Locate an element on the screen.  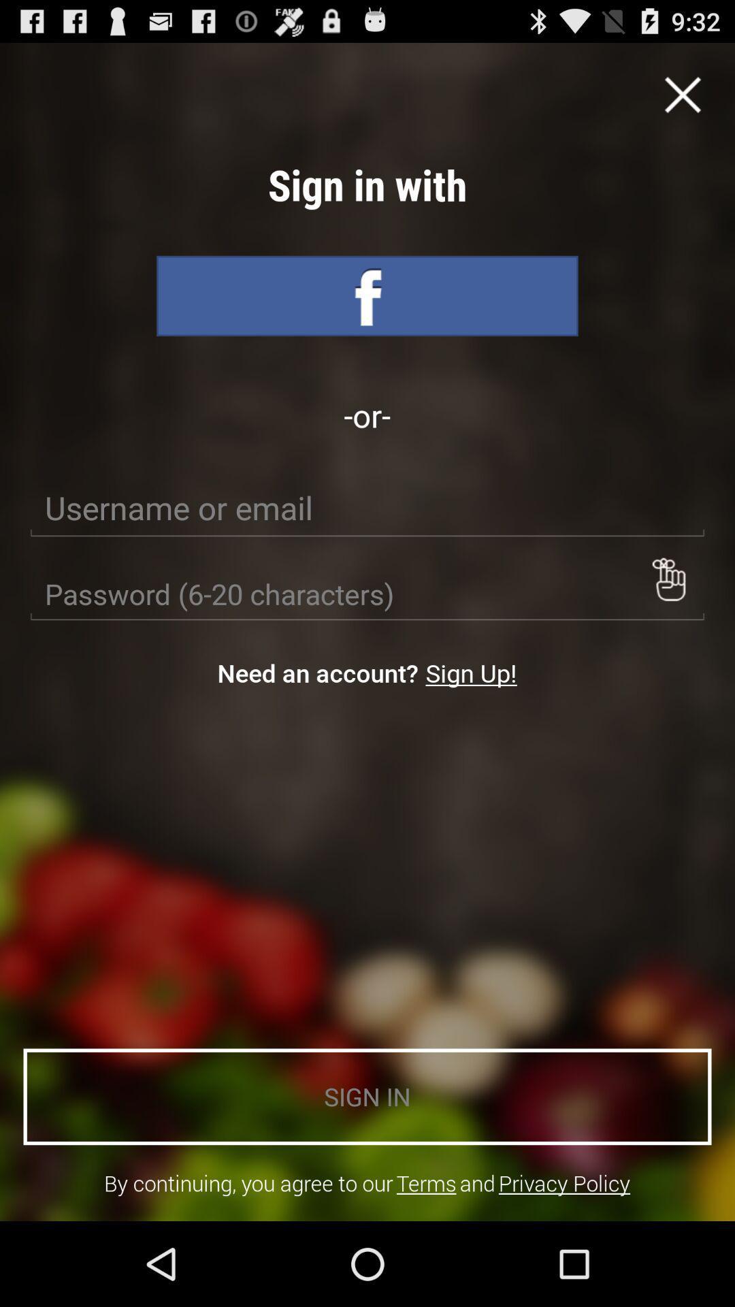
username is located at coordinates (367, 508).